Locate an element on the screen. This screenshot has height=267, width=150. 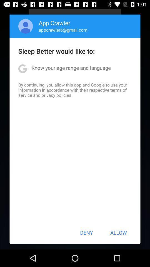
the app above by continuing you is located at coordinates (71, 67).